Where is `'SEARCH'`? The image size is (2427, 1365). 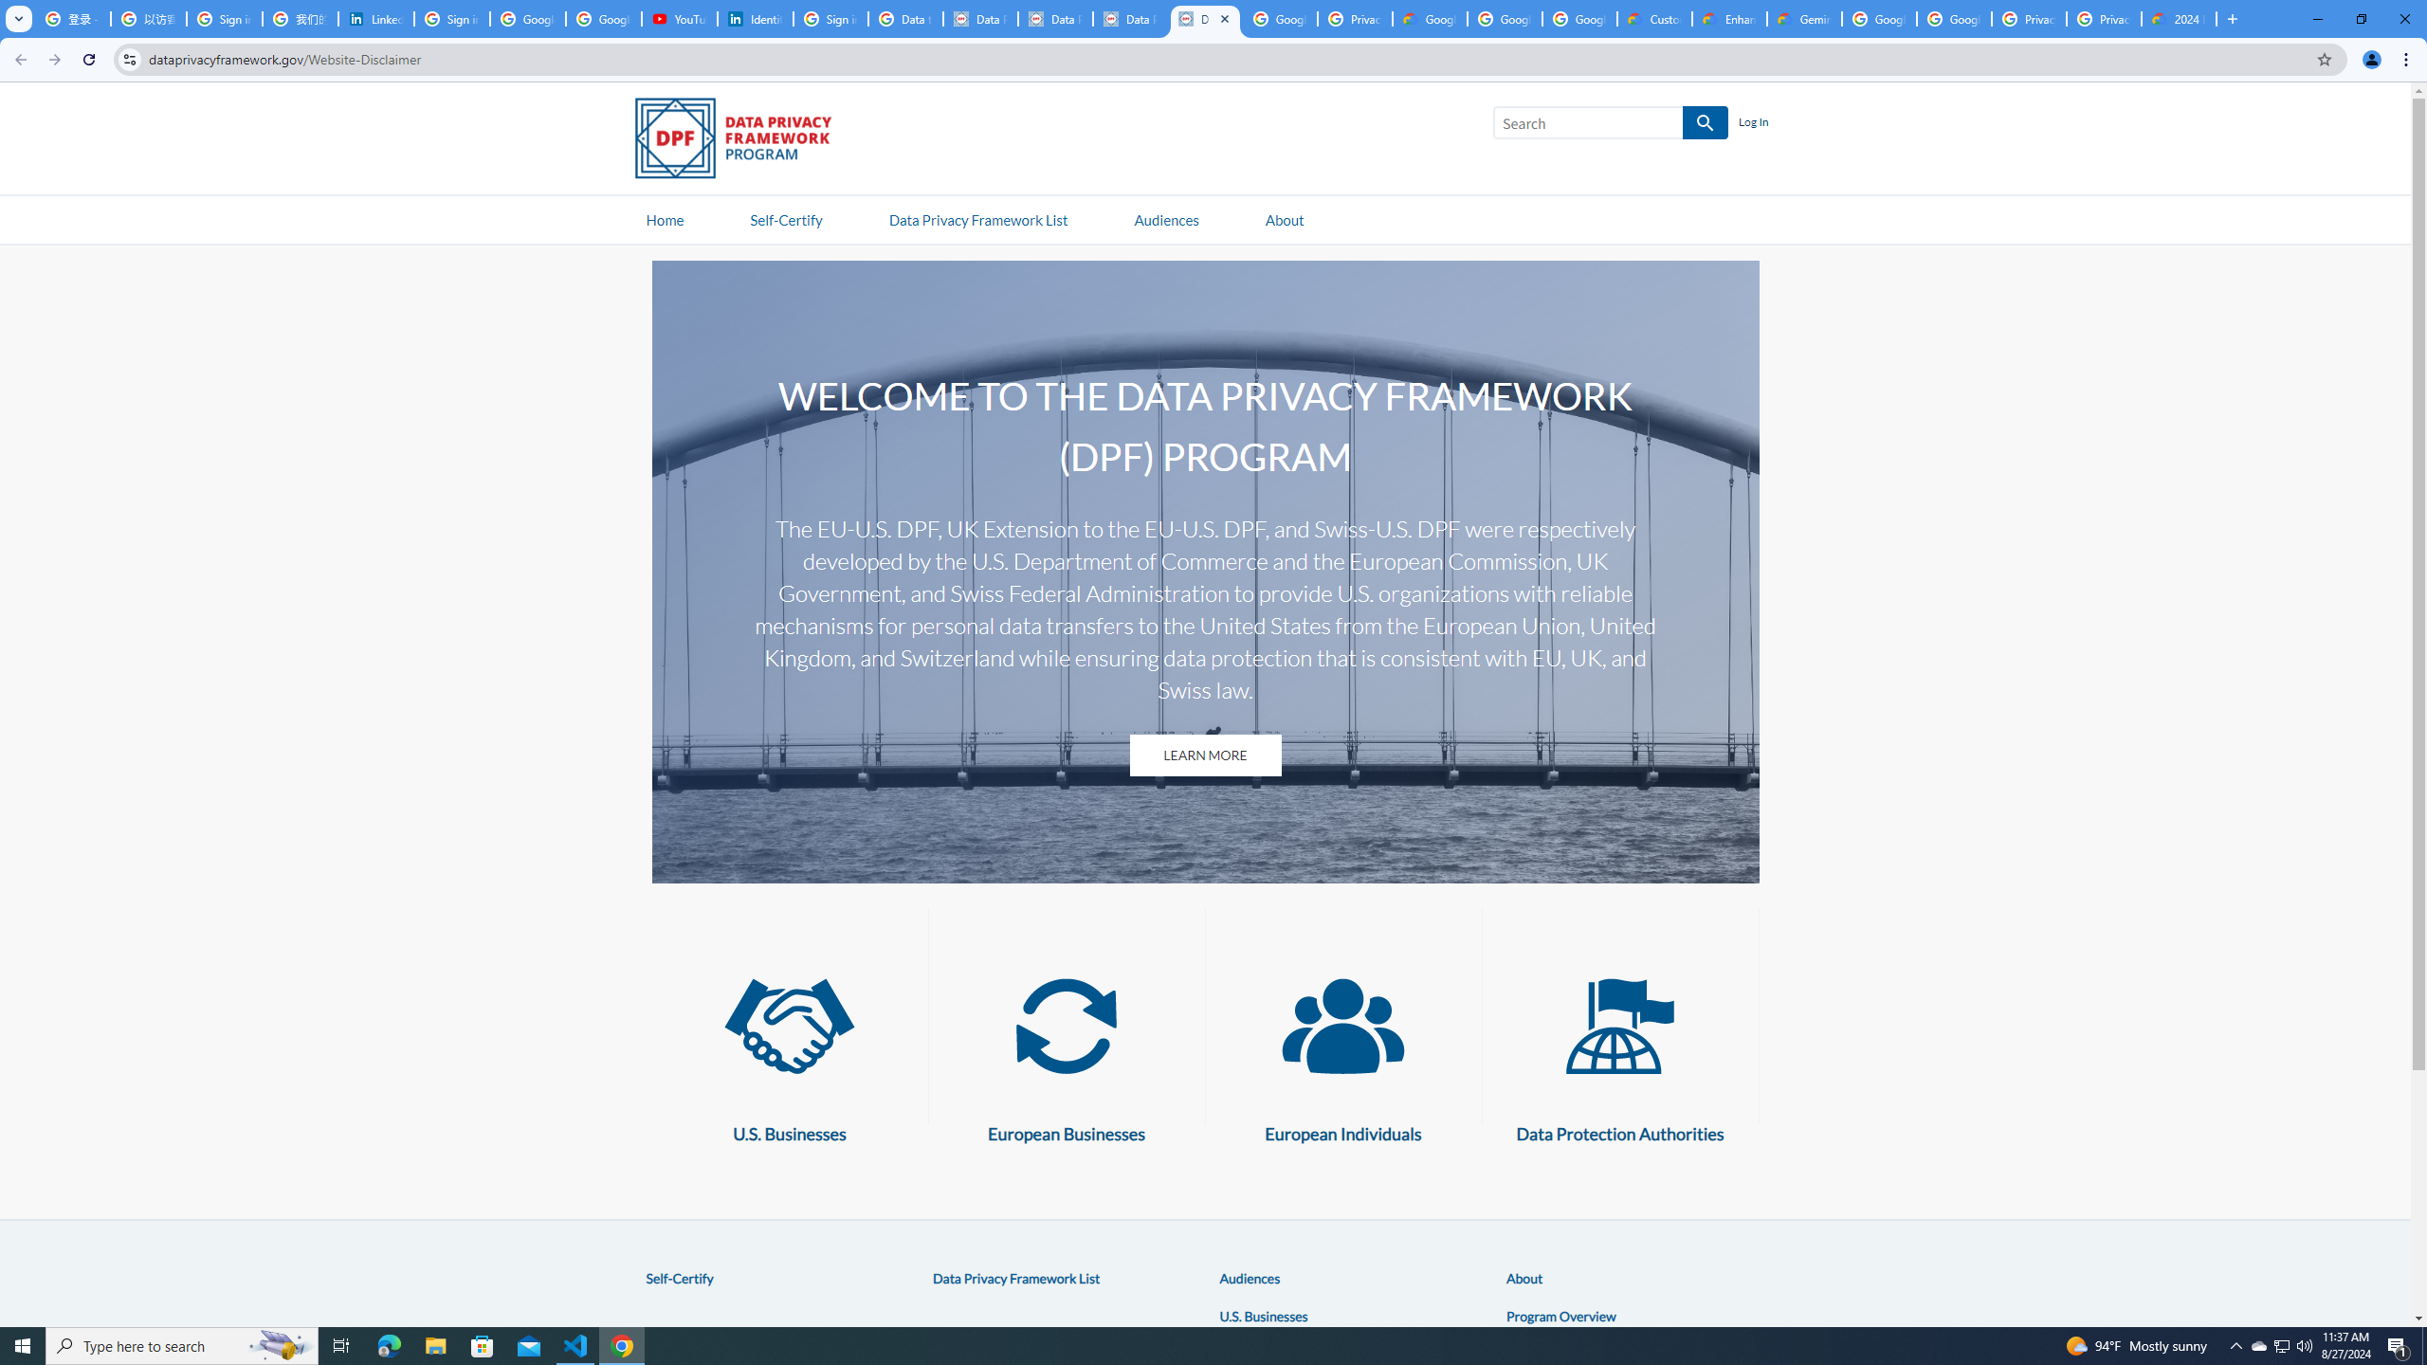 'SEARCH' is located at coordinates (1704, 123).